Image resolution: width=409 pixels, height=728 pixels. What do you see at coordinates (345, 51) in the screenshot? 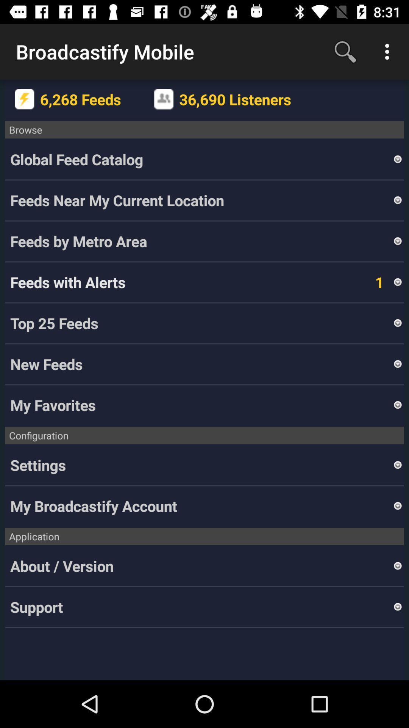
I see `the icon to the right of the broadcastify mobile` at bounding box center [345, 51].